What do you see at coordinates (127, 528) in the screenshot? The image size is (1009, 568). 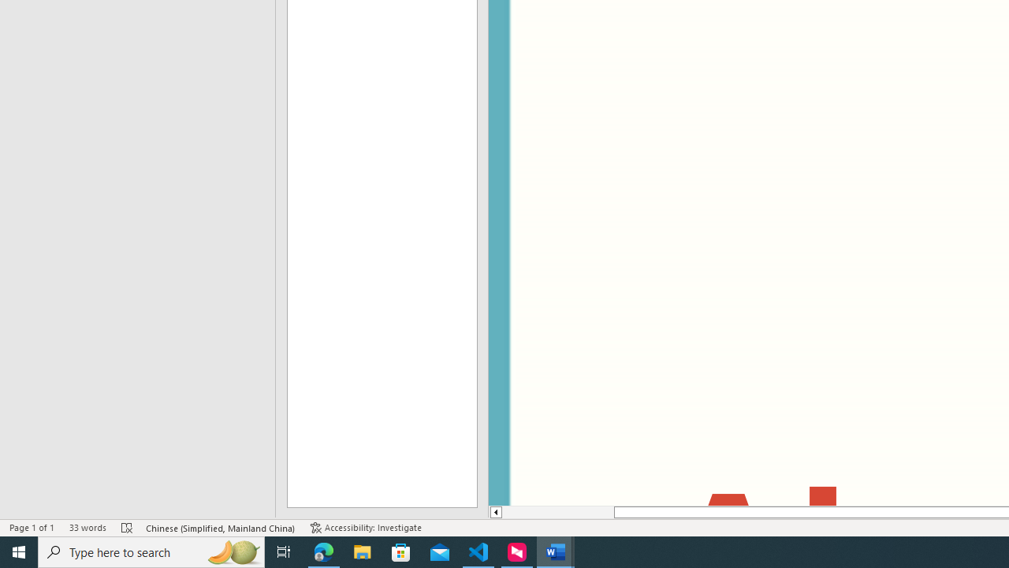 I see `'Spelling and Grammar Check Errors'` at bounding box center [127, 528].